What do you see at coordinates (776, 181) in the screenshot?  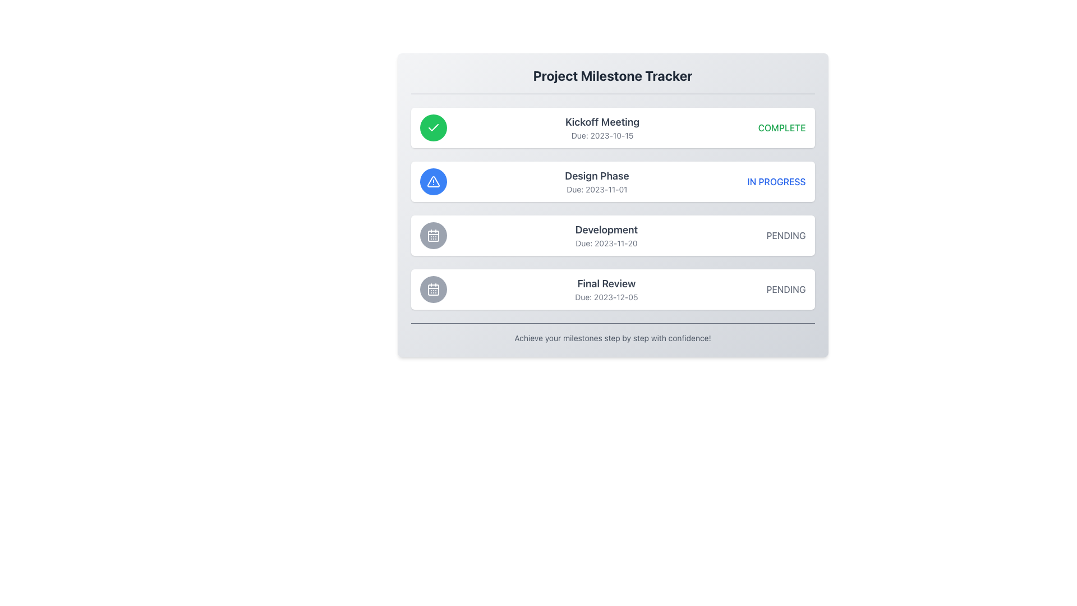 I see `the 'IN PROGRESS' label which is displayed in blue font and located to the right of the 'Due: 2023-11-01' text in the 'Design Phase' milestone of the project tracker` at bounding box center [776, 181].